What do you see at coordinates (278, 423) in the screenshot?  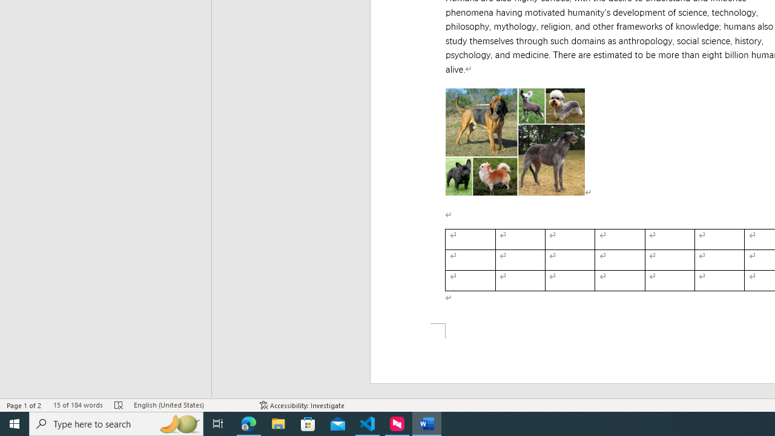 I see `'File Explorer'` at bounding box center [278, 423].